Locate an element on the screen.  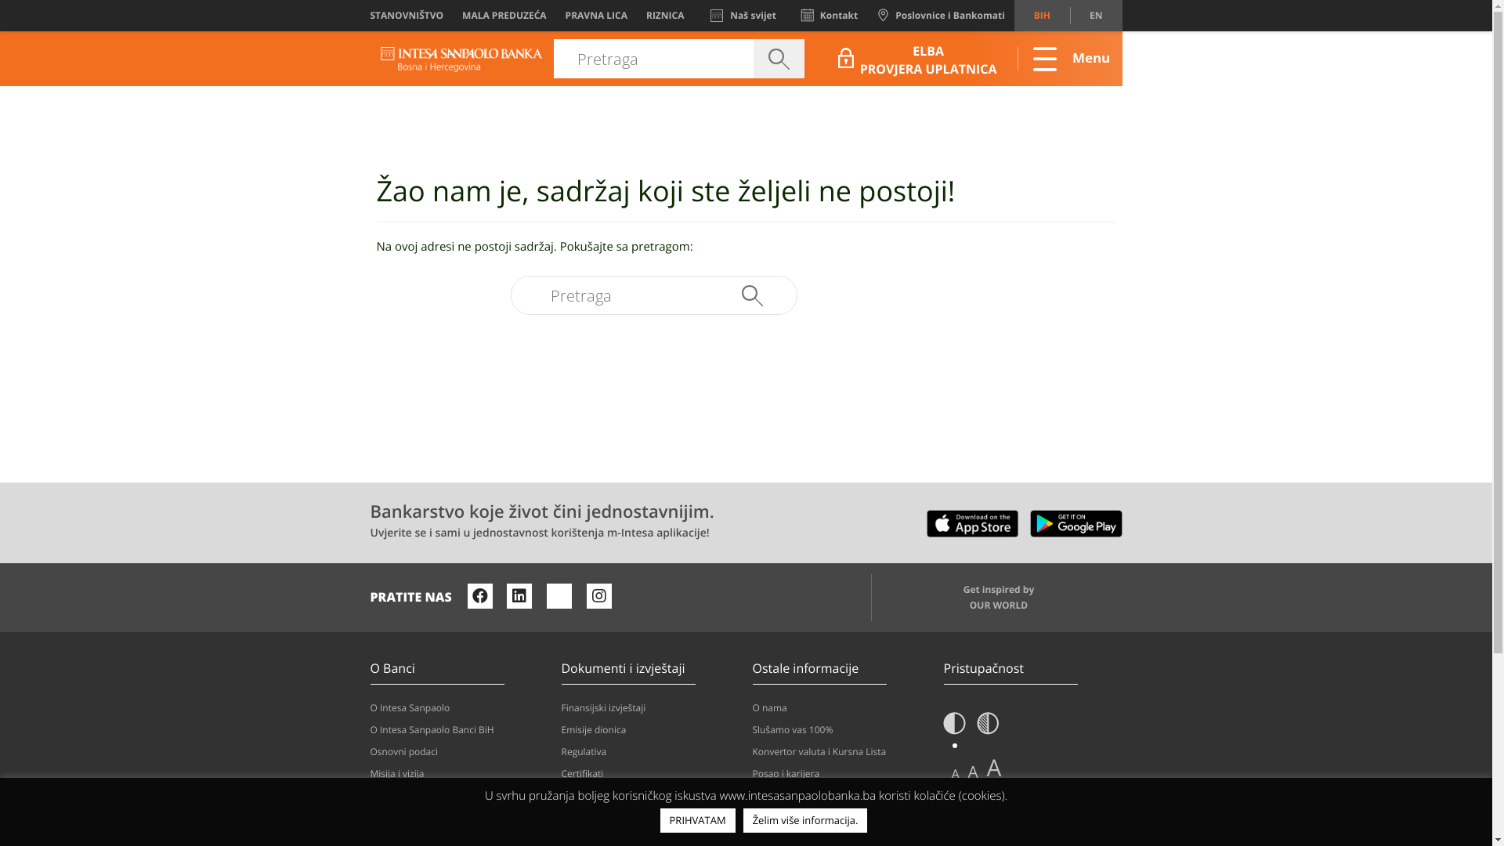
'fa-youtube-play' is located at coordinates (559, 595).